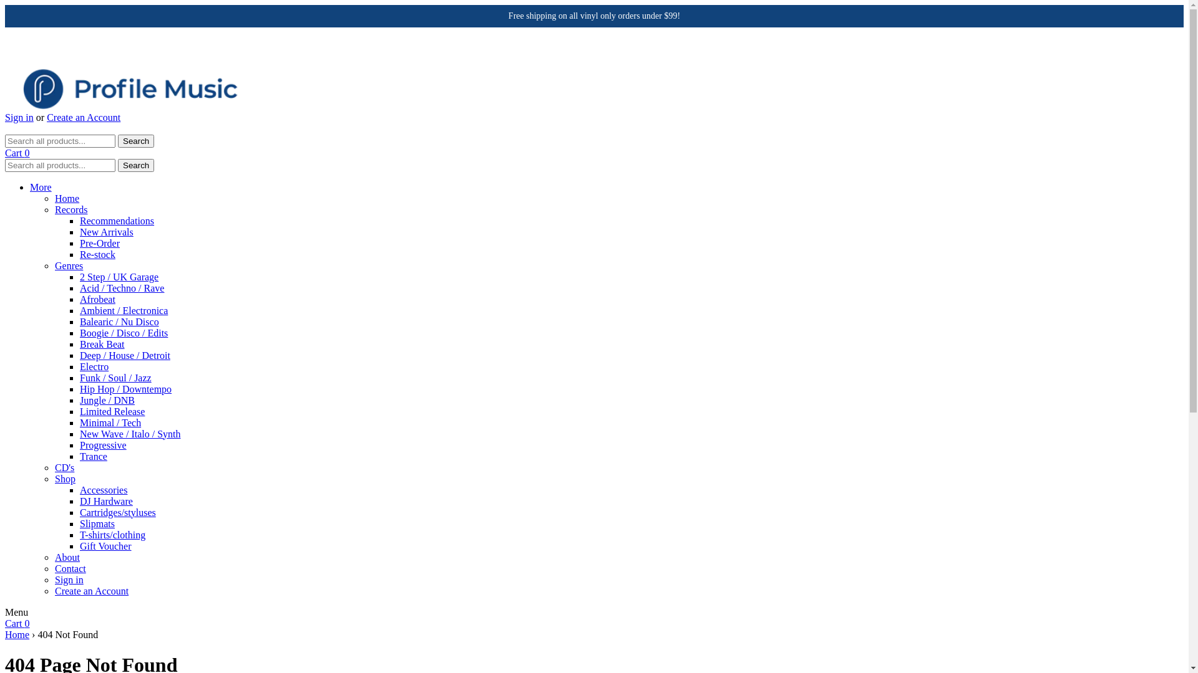 Image resolution: width=1198 pixels, height=673 pixels. I want to click on 'Ambient / Electronica', so click(79, 310).